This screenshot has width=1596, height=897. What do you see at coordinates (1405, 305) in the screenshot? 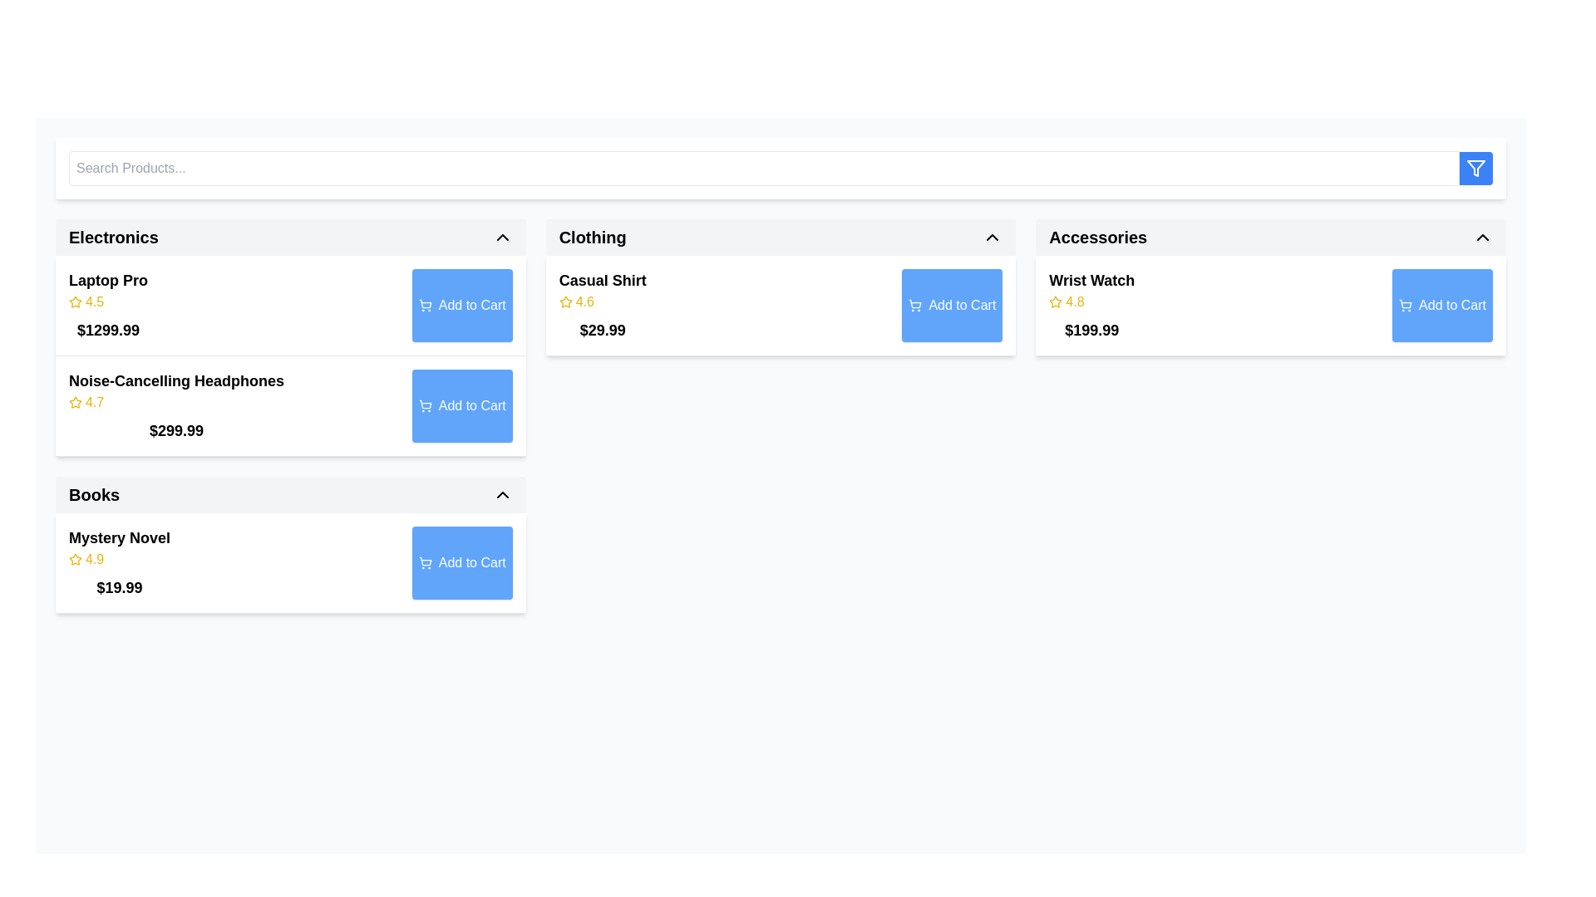
I see `the 'Add to Cart' button which contains the shopping cart icon for the 'Wrist Watch' product in the 'Accessories' section` at bounding box center [1405, 305].